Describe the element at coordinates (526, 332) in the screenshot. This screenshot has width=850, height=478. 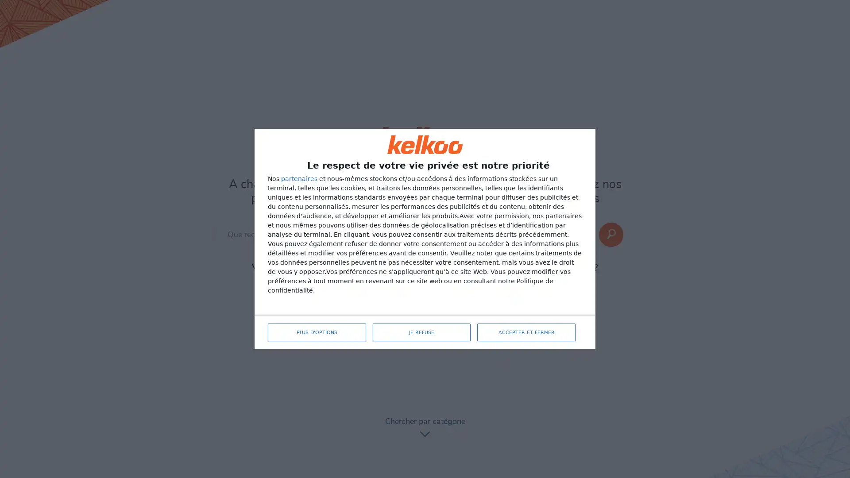
I see `ACCEPTER ET FERMER` at that location.